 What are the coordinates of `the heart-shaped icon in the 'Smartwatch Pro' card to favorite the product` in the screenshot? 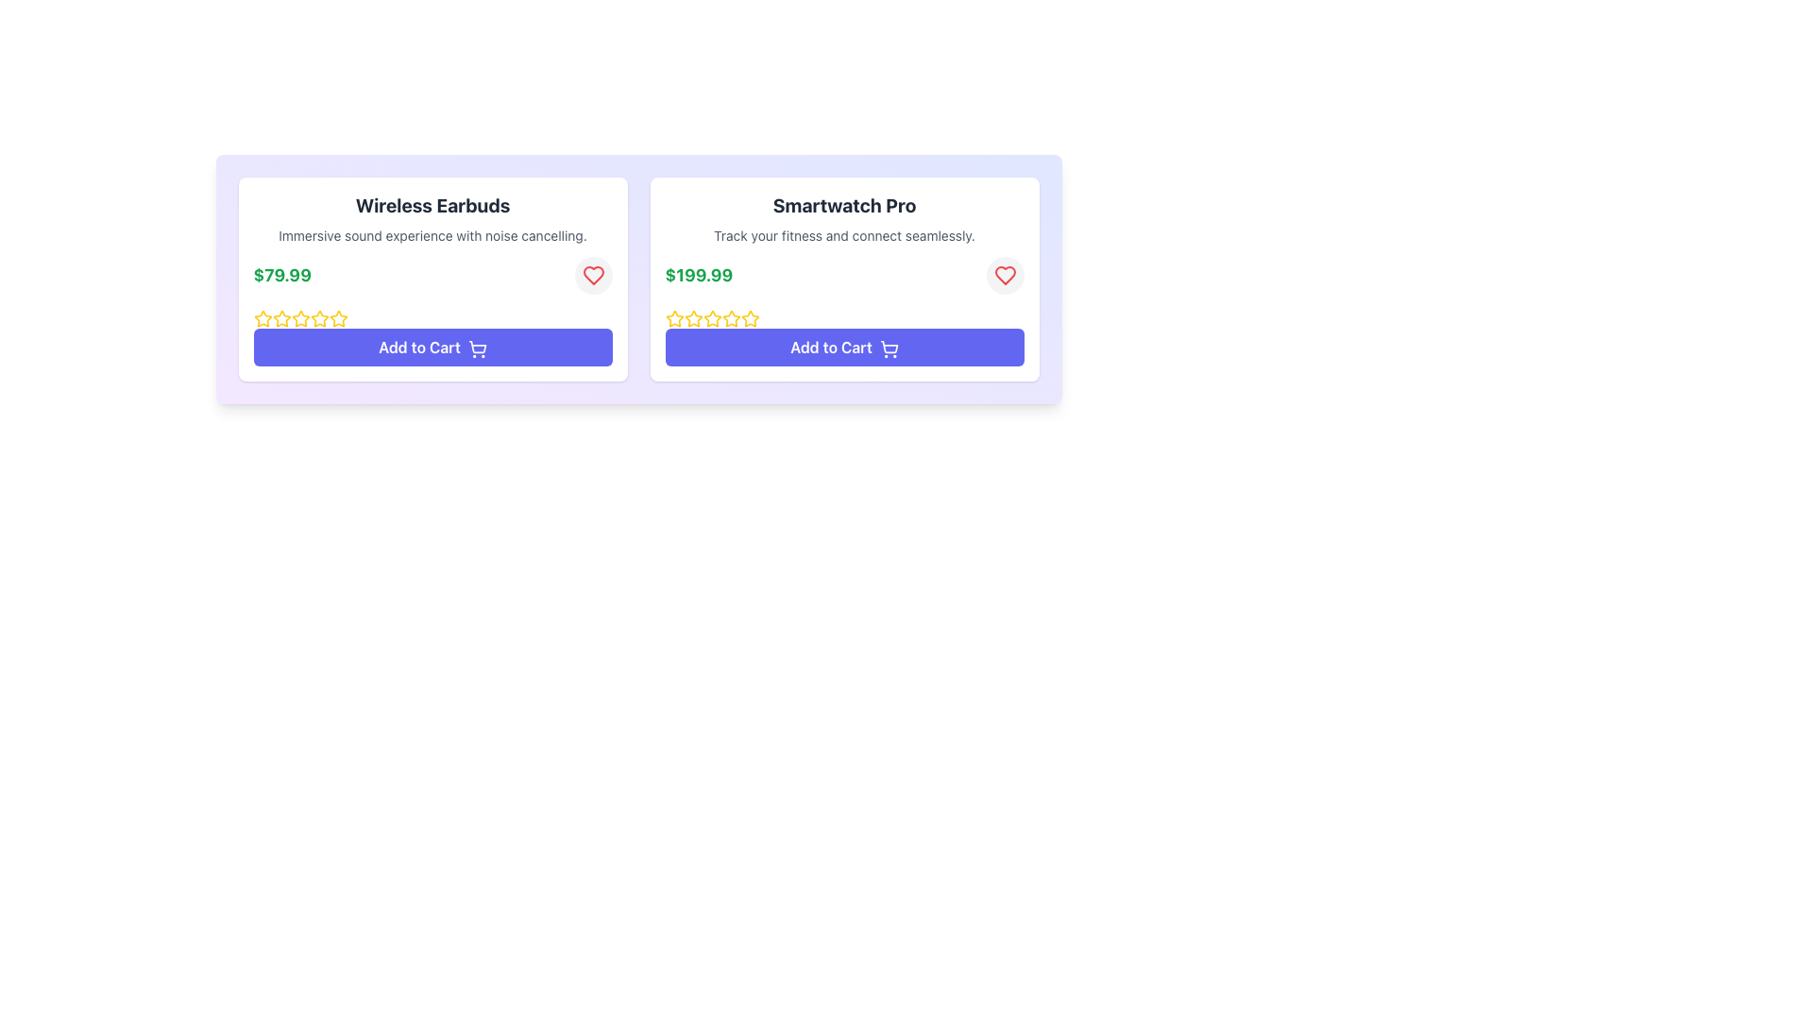 It's located at (1004, 276).